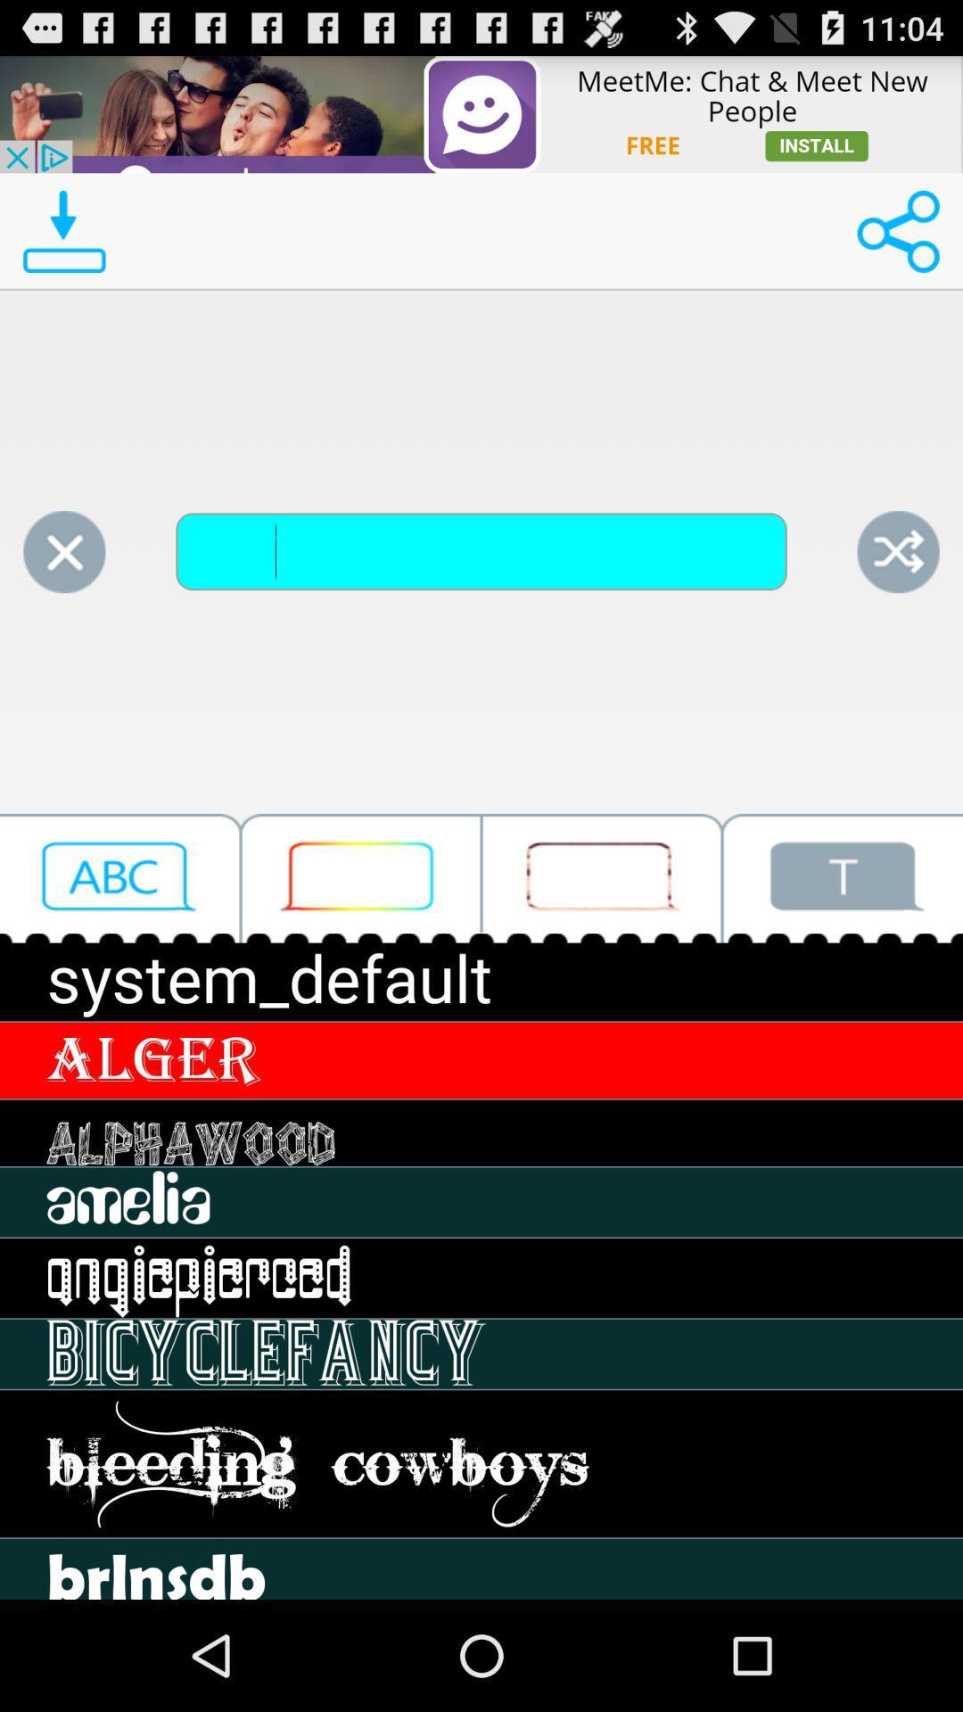 The width and height of the screenshot is (963, 1712). What do you see at coordinates (898, 551) in the screenshot?
I see `share the article` at bounding box center [898, 551].